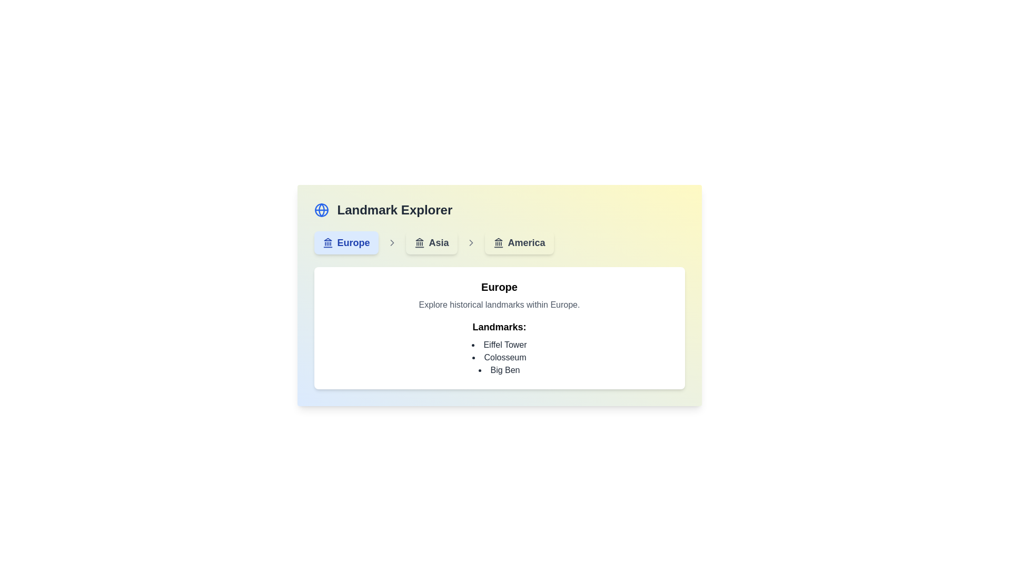  I want to click on the text element displaying 'Eiffel Tower', which is the first item in a bulleted list under the 'Landmarks' heading in the Europe section, so click(499, 345).